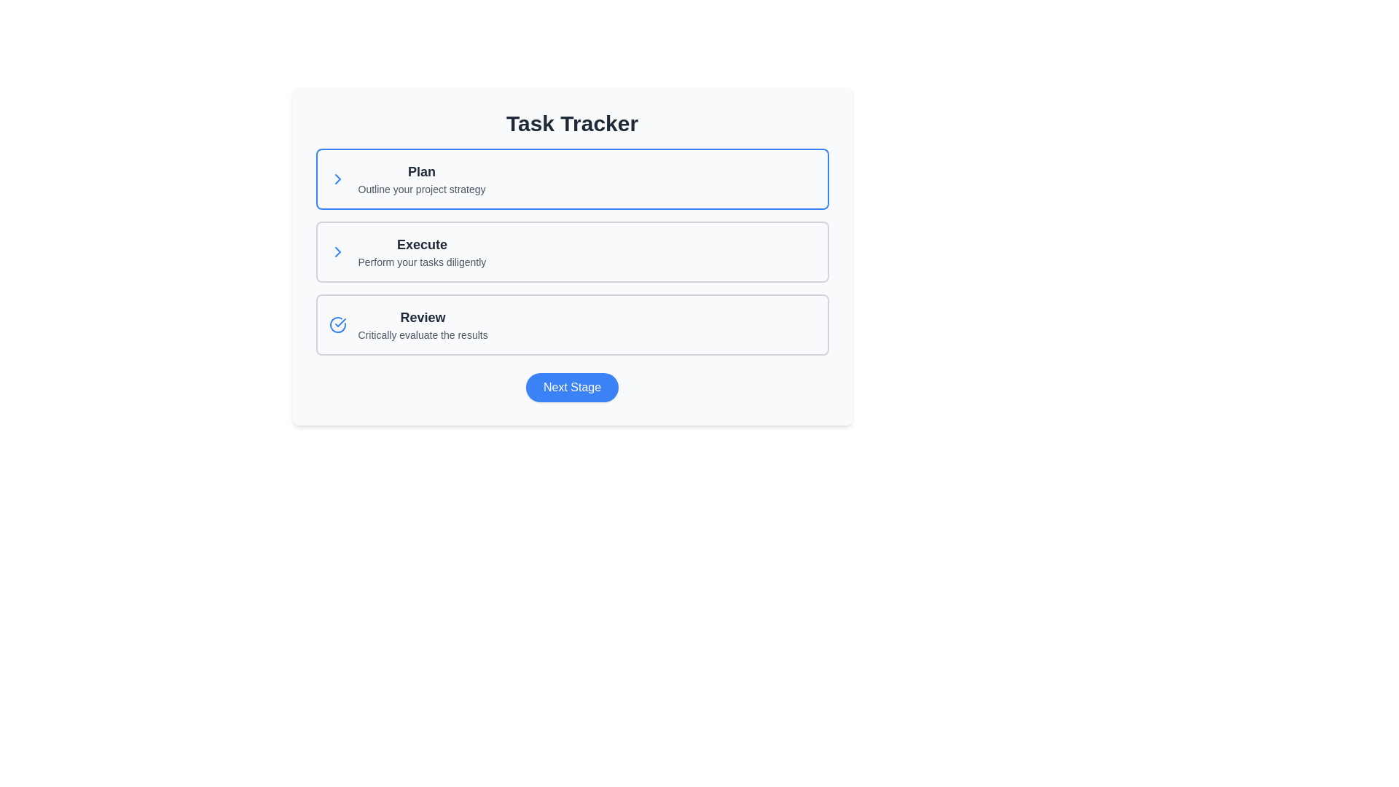 This screenshot has width=1399, height=787. I want to click on the text label displaying 'Review' which is styled in a bold, larger font size and is positioned at the top of its section, just above a smaller explanatory text, so click(422, 316).